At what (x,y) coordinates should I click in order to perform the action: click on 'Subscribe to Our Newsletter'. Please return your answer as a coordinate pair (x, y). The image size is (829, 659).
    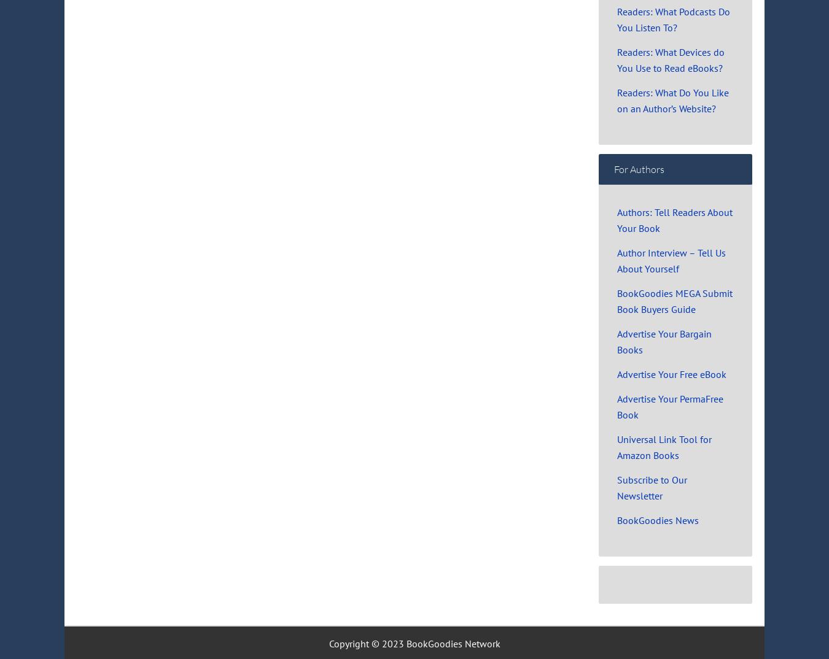
    Looking at the image, I should click on (652, 487).